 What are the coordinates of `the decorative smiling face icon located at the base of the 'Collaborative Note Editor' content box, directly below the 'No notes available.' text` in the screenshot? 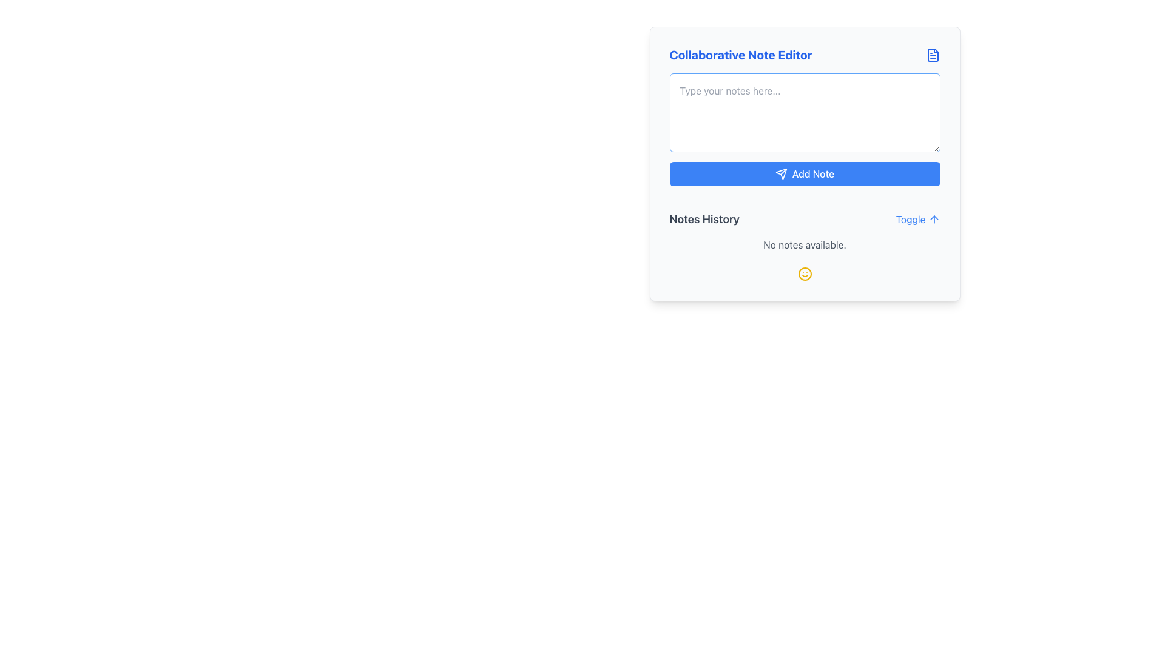 It's located at (805, 274).